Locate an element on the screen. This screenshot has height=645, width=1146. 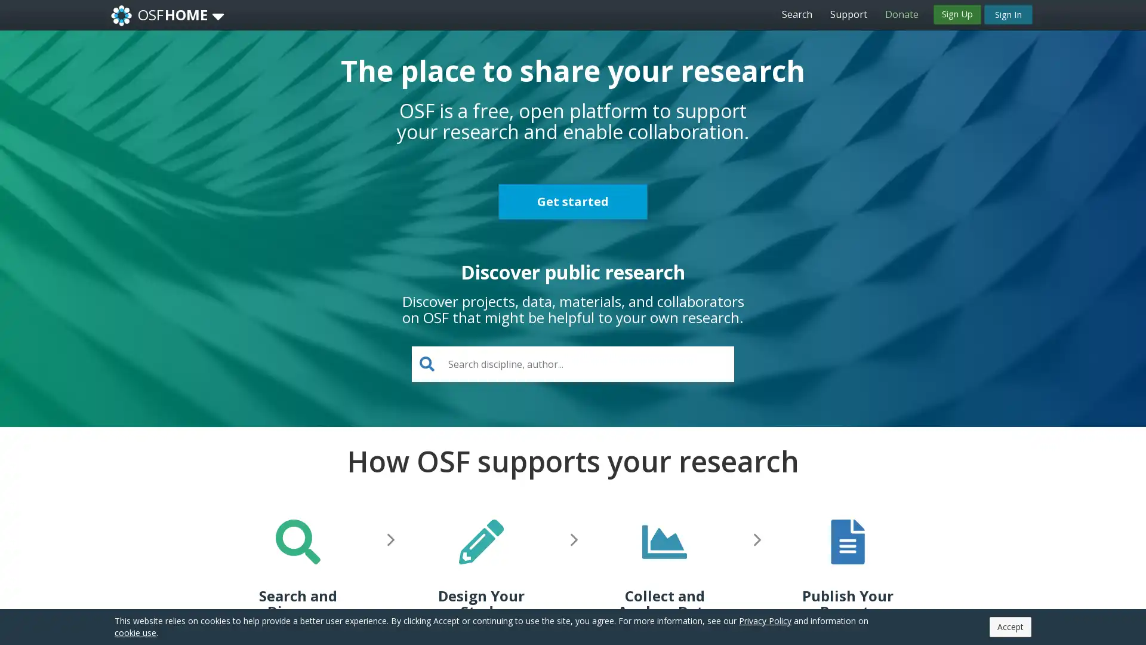
Accept is located at coordinates (1010, 626).